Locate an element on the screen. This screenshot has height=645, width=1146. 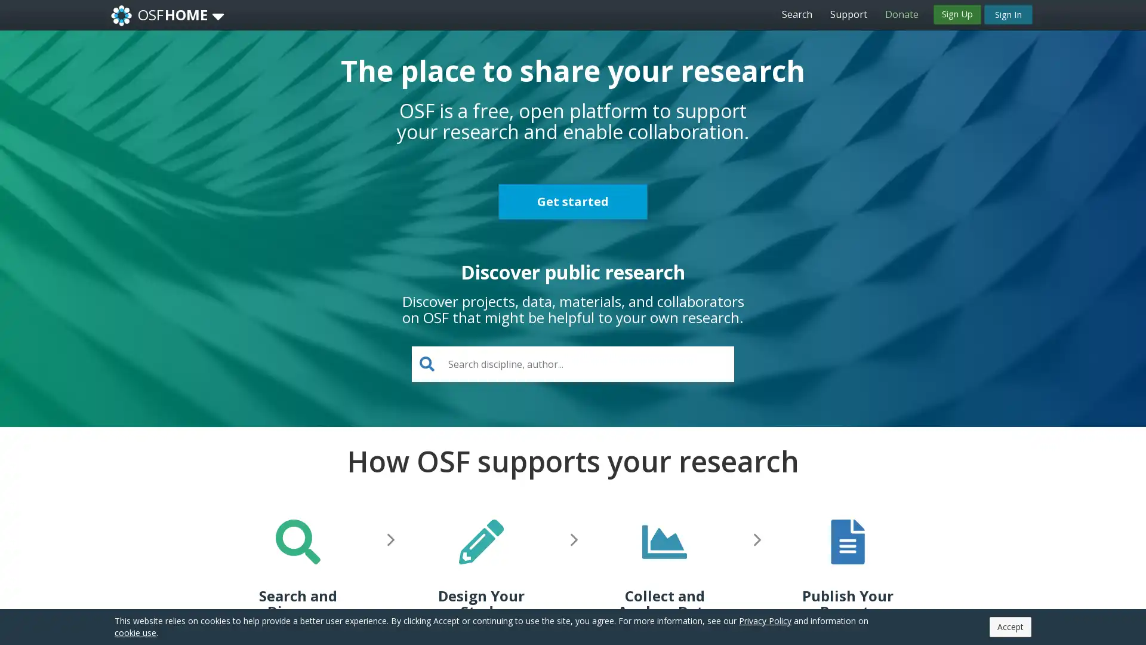
Accept is located at coordinates (1010, 626).